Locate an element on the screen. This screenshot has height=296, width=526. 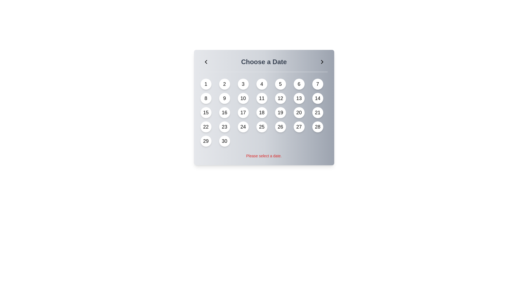
the Chevron Left icon located in the top-left corner of the date selection interface is located at coordinates (205, 62).